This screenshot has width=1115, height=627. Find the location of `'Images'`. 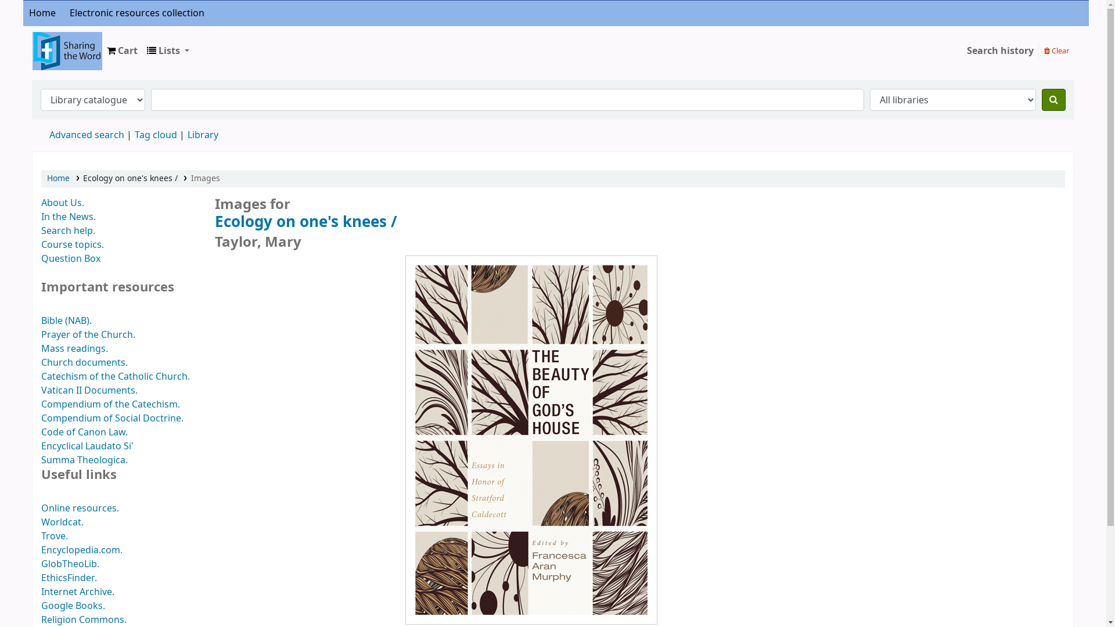

'Images' is located at coordinates (206, 178).